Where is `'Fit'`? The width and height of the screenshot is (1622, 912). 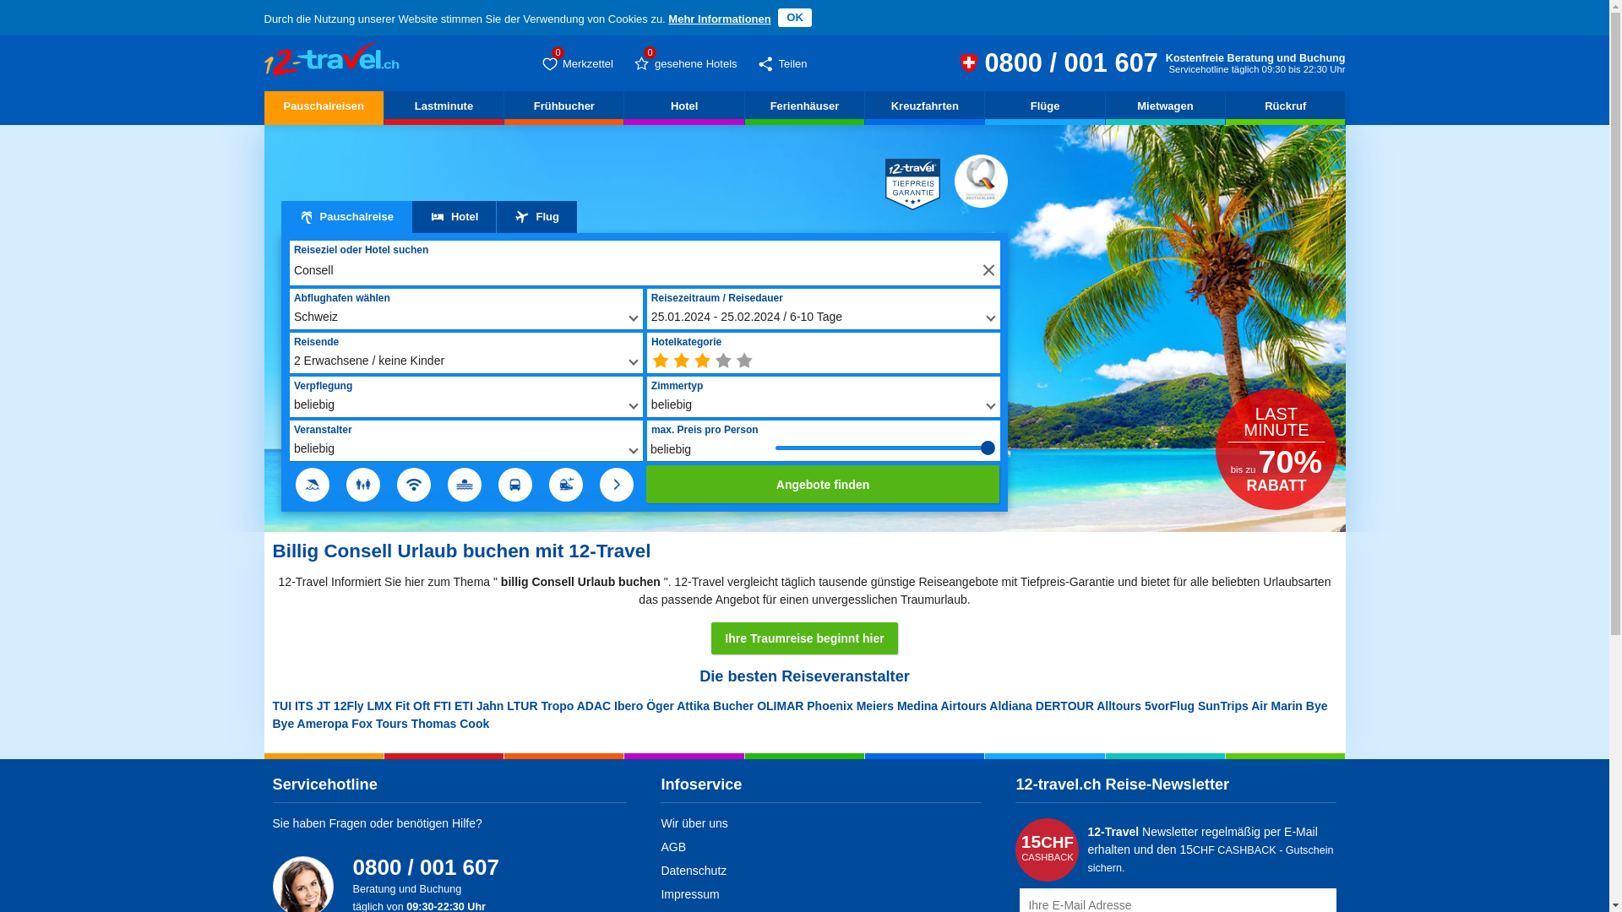 'Fit' is located at coordinates (401, 706).